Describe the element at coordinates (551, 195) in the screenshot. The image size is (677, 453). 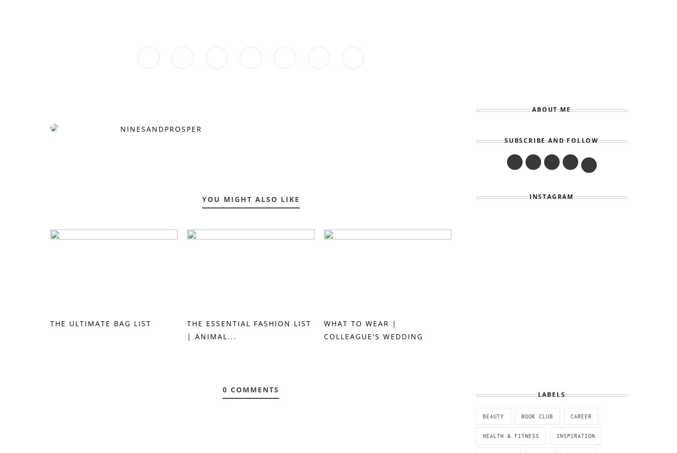
I see `'Instagram'` at that location.